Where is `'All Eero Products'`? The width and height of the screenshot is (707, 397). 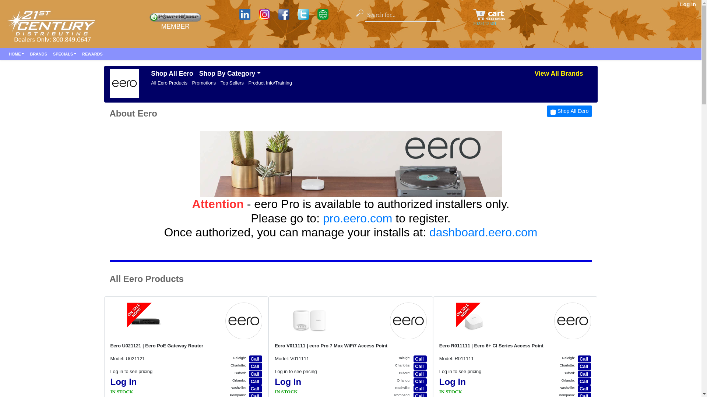
'All Eero Products' is located at coordinates (169, 83).